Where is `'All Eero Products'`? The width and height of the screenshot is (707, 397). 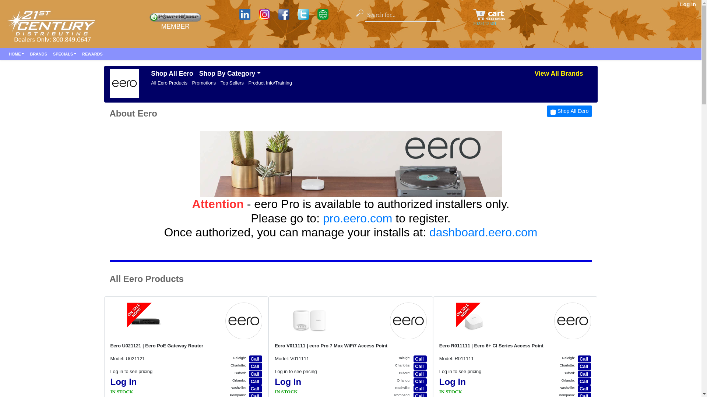
'All Eero Products' is located at coordinates (169, 83).